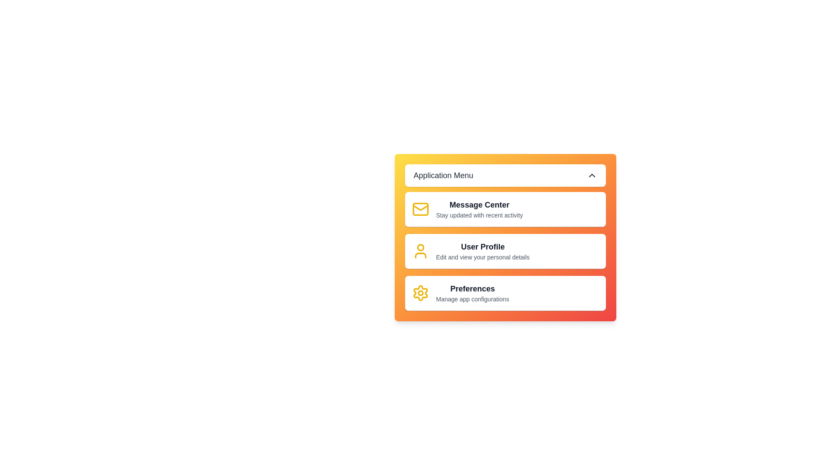 Image resolution: width=831 pixels, height=467 pixels. What do you see at coordinates (505, 251) in the screenshot?
I see `the menu item User Profile to interact with its functionality` at bounding box center [505, 251].